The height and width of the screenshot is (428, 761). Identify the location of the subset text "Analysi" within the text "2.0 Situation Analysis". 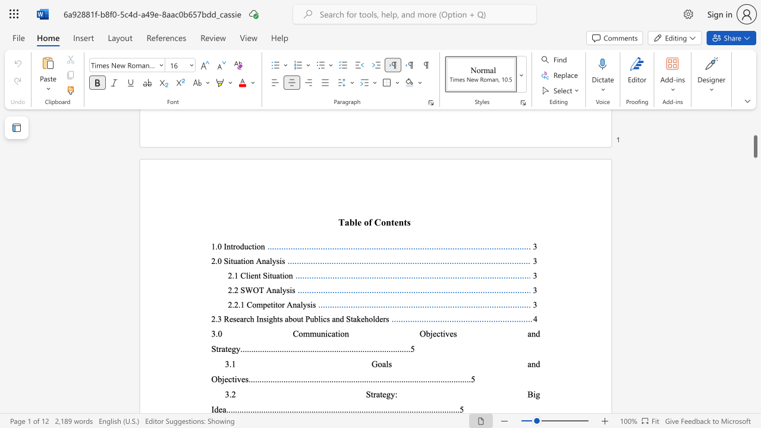
(255, 260).